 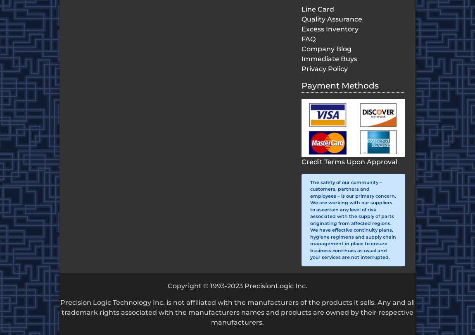 I want to click on 'FAQ', so click(x=308, y=39).